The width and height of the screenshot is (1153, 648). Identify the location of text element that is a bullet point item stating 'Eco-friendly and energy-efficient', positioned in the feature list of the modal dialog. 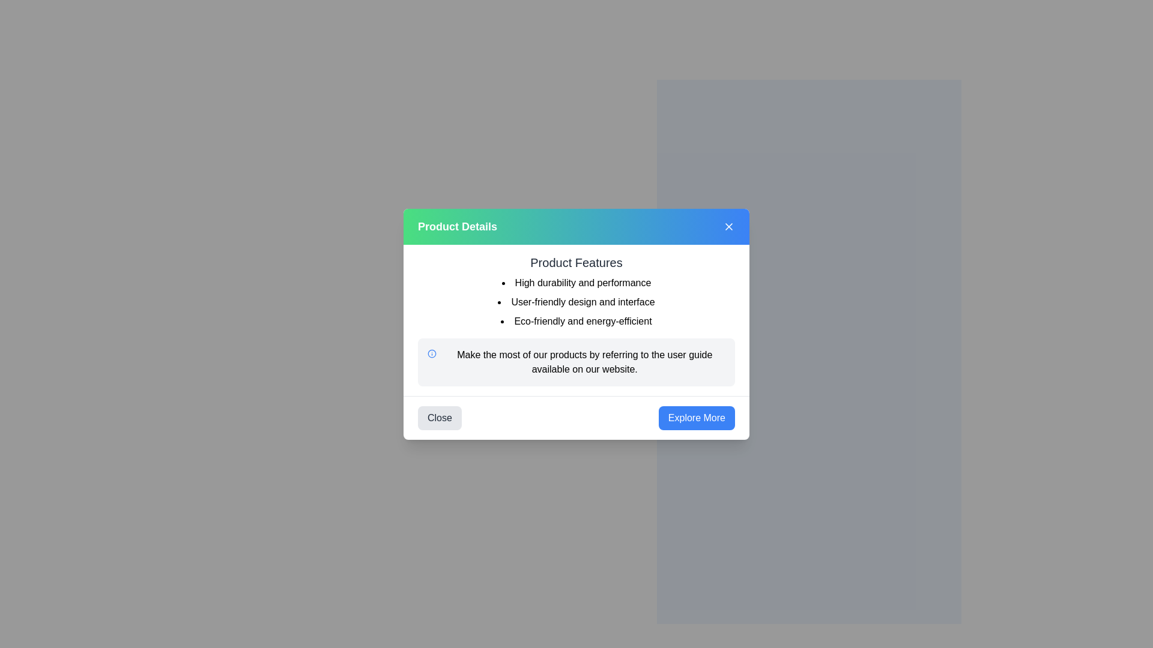
(576, 320).